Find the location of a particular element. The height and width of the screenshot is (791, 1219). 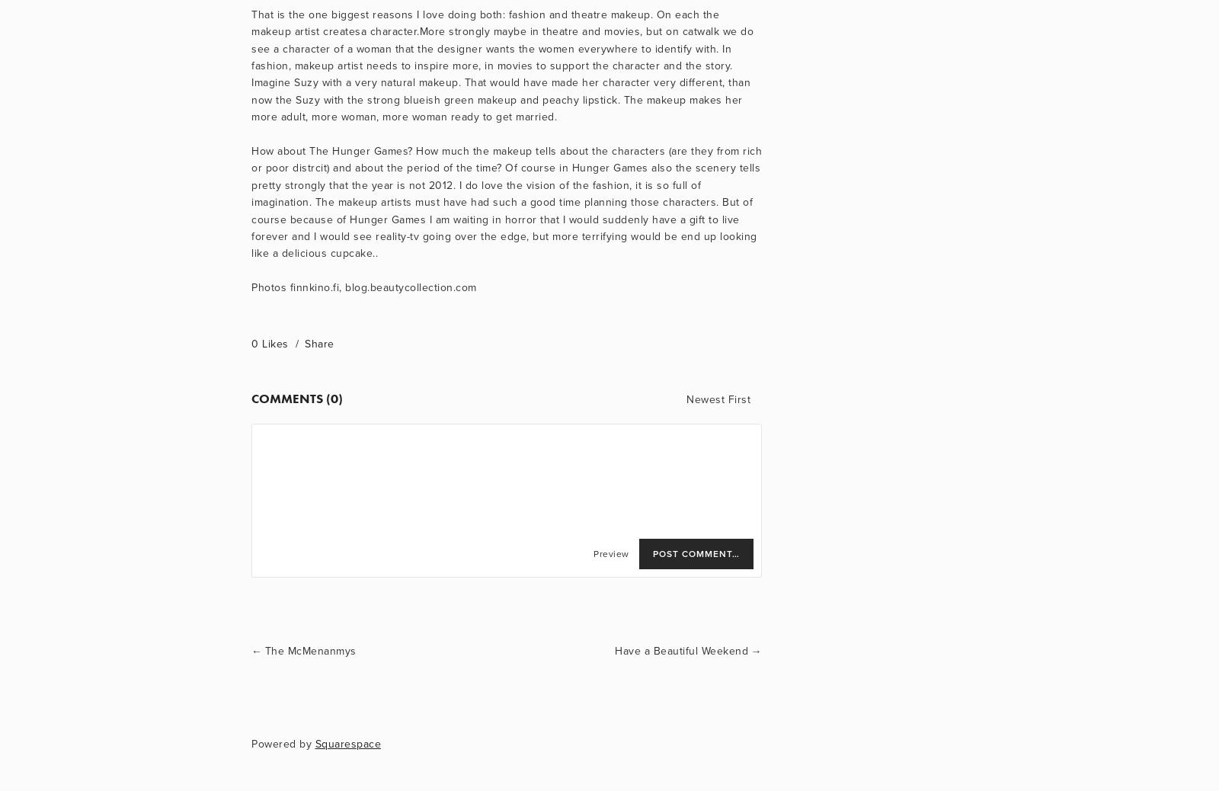

'Comments (0)' is located at coordinates (251, 397).